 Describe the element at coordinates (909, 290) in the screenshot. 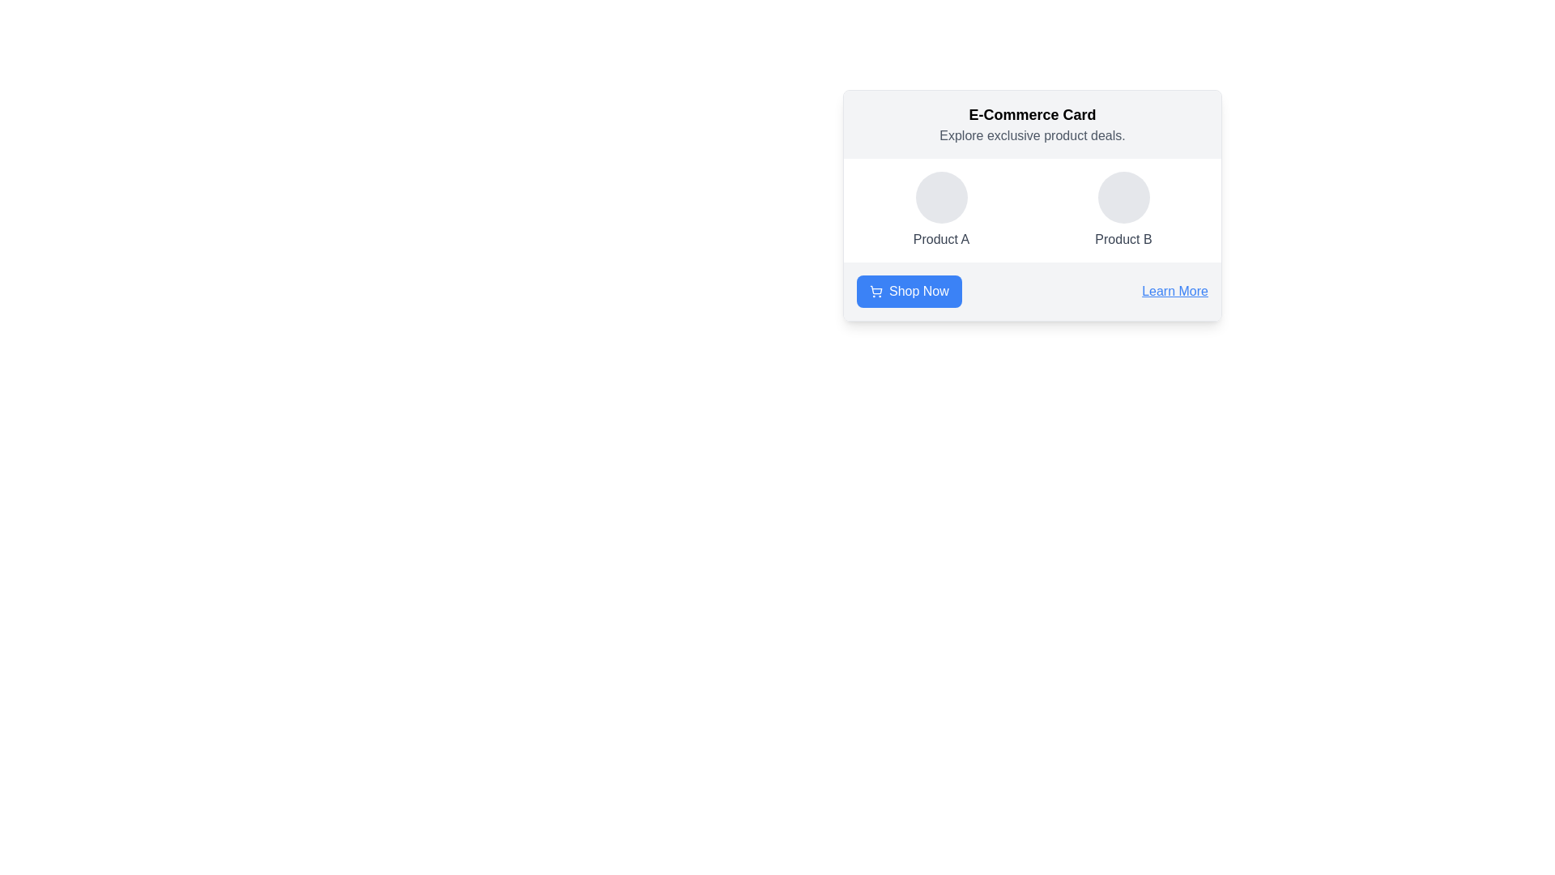

I see `the call-to-action button that navigates users to a shopping or product-related page` at that location.